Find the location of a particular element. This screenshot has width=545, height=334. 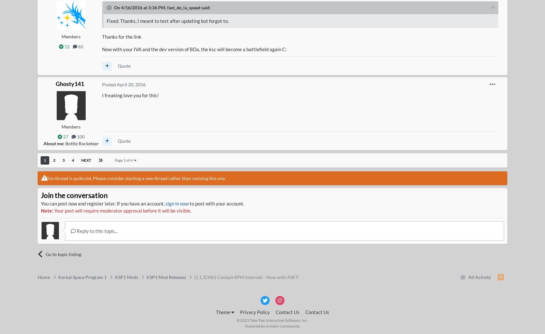

'KSP1 Mod Releases' is located at coordinates (166, 277).